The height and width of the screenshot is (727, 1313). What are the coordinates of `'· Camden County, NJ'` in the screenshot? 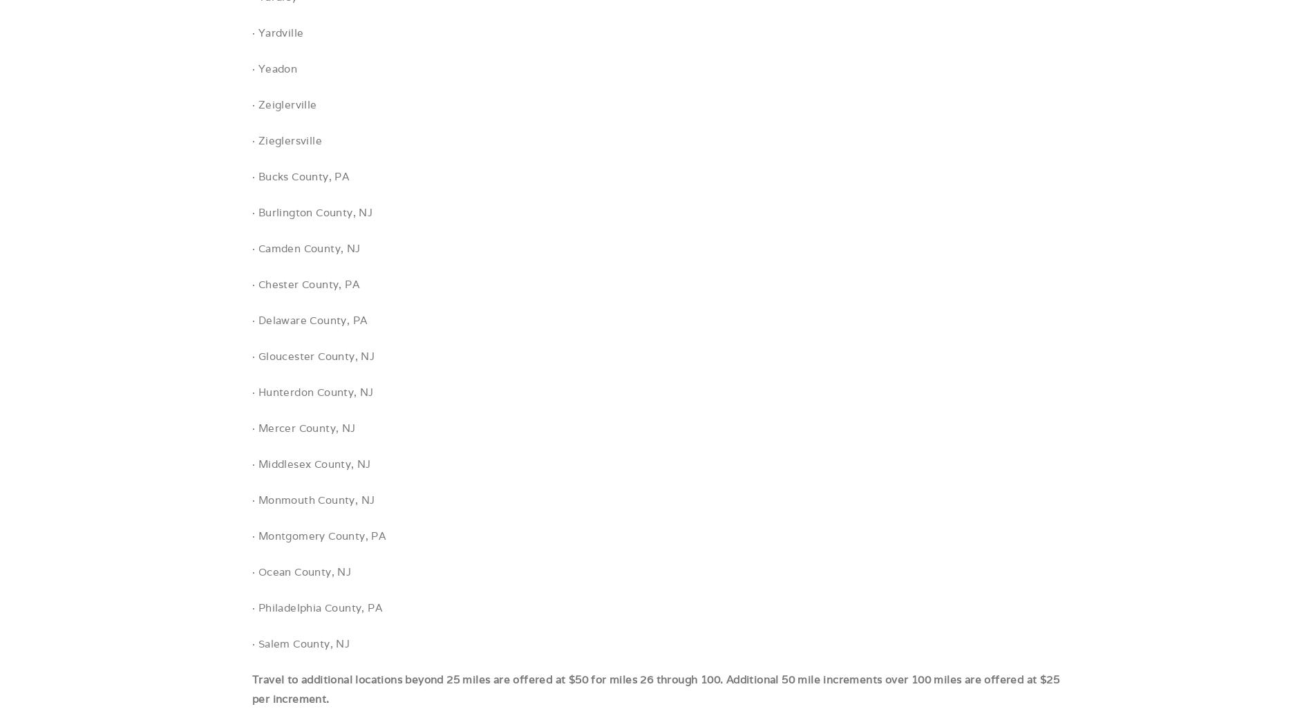 It's located at (305, 248).